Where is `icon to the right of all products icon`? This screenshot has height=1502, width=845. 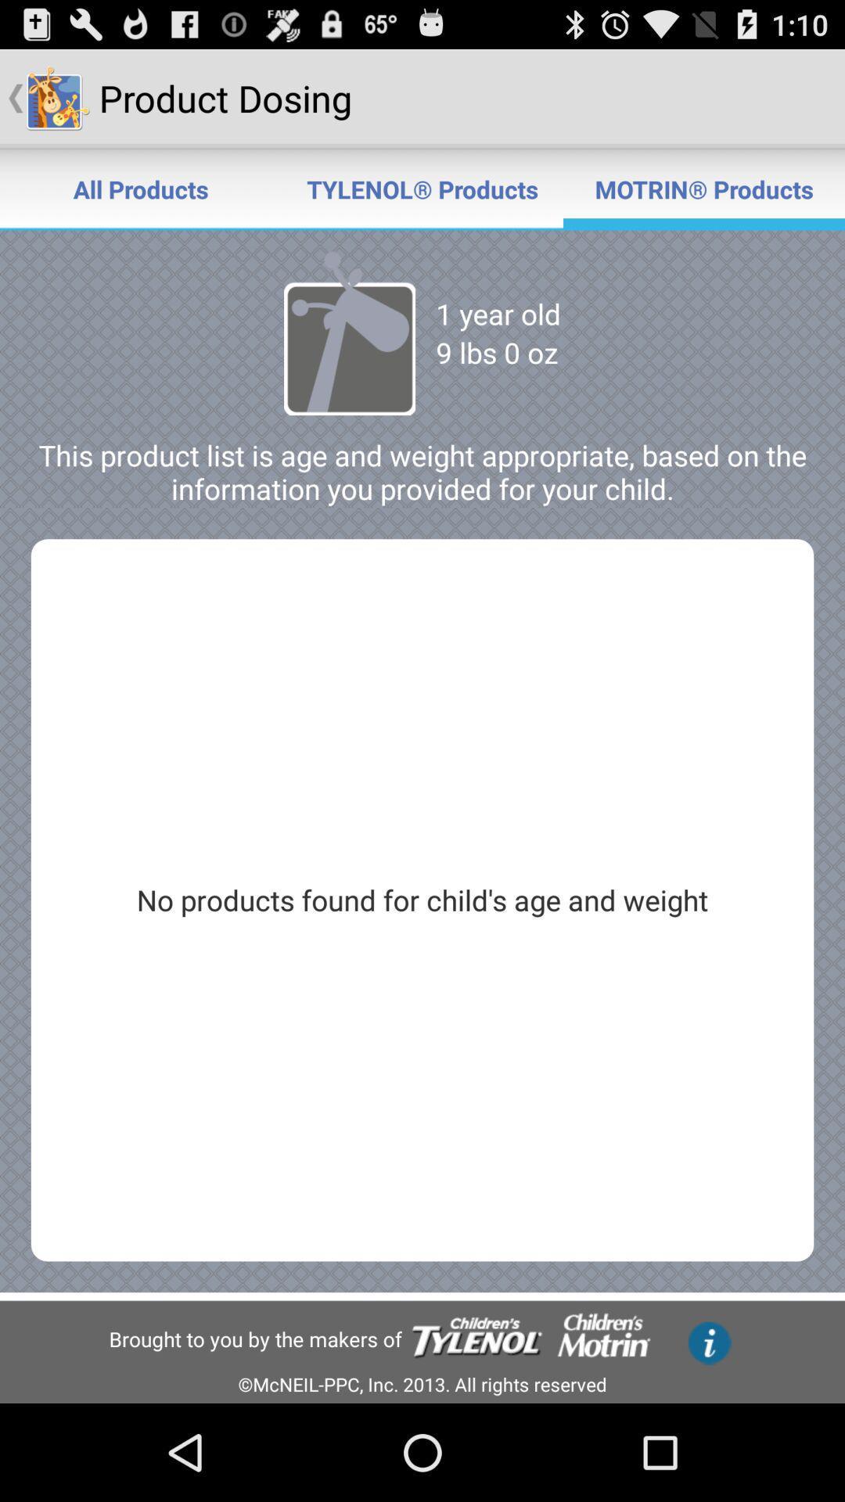
icon to the right of all products icon is located at coordinates (422, 188).